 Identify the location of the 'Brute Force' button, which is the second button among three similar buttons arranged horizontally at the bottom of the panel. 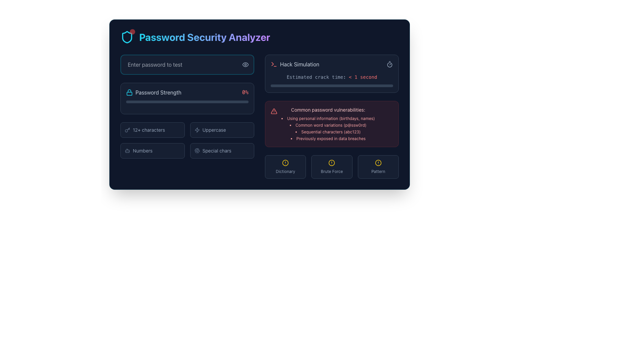
(332, 166).